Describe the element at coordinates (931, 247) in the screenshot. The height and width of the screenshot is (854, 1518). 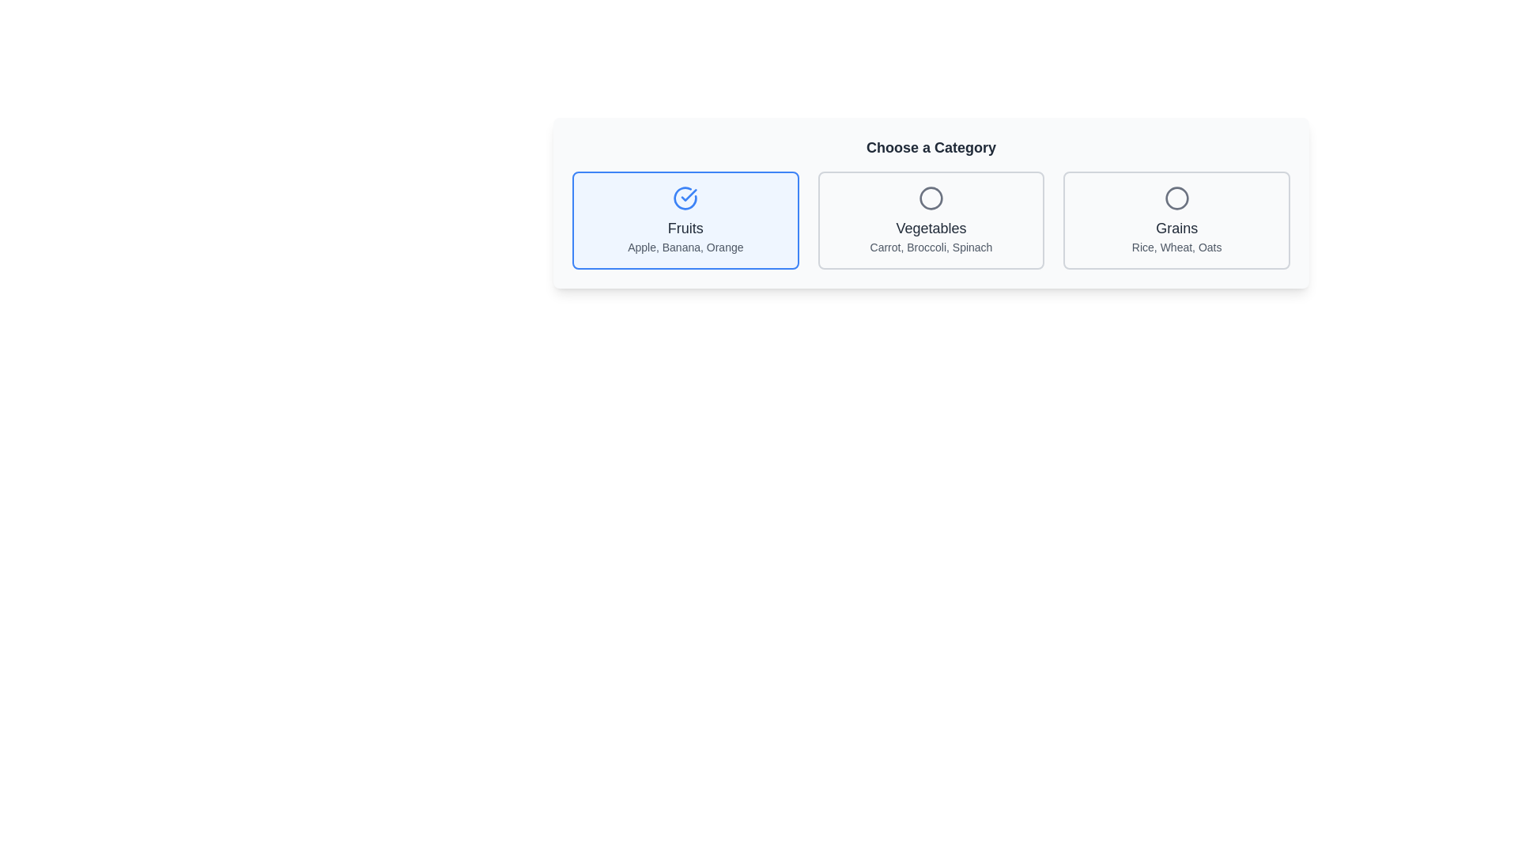
I see `the text label displaying 'Carrot, Broccoli, Spinach' within the 'Vegetables' card, located below the title 'Vegetables'` at that location.